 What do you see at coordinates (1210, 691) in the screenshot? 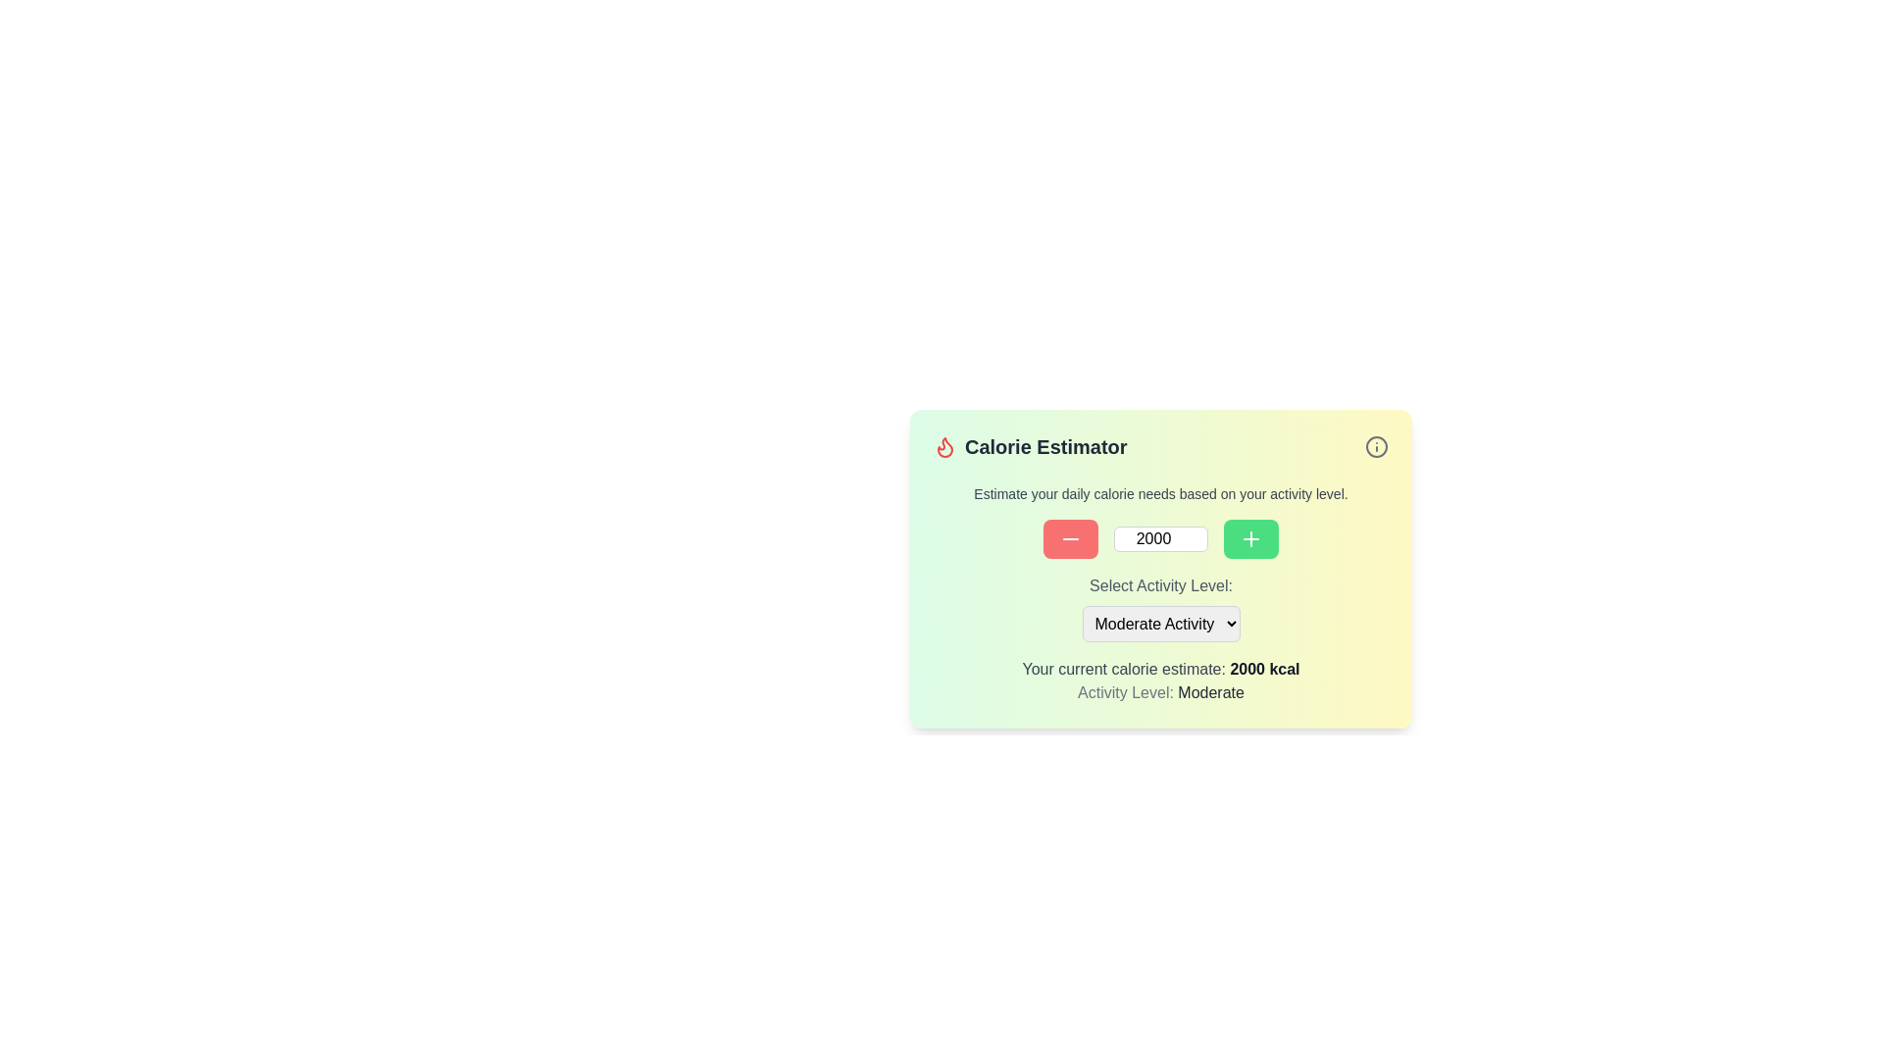
I see `the static text displaying the current selection for the activity level, located under the label 'Activity Level:' in the calorie estimation context` at bounding box center [1210, 691].